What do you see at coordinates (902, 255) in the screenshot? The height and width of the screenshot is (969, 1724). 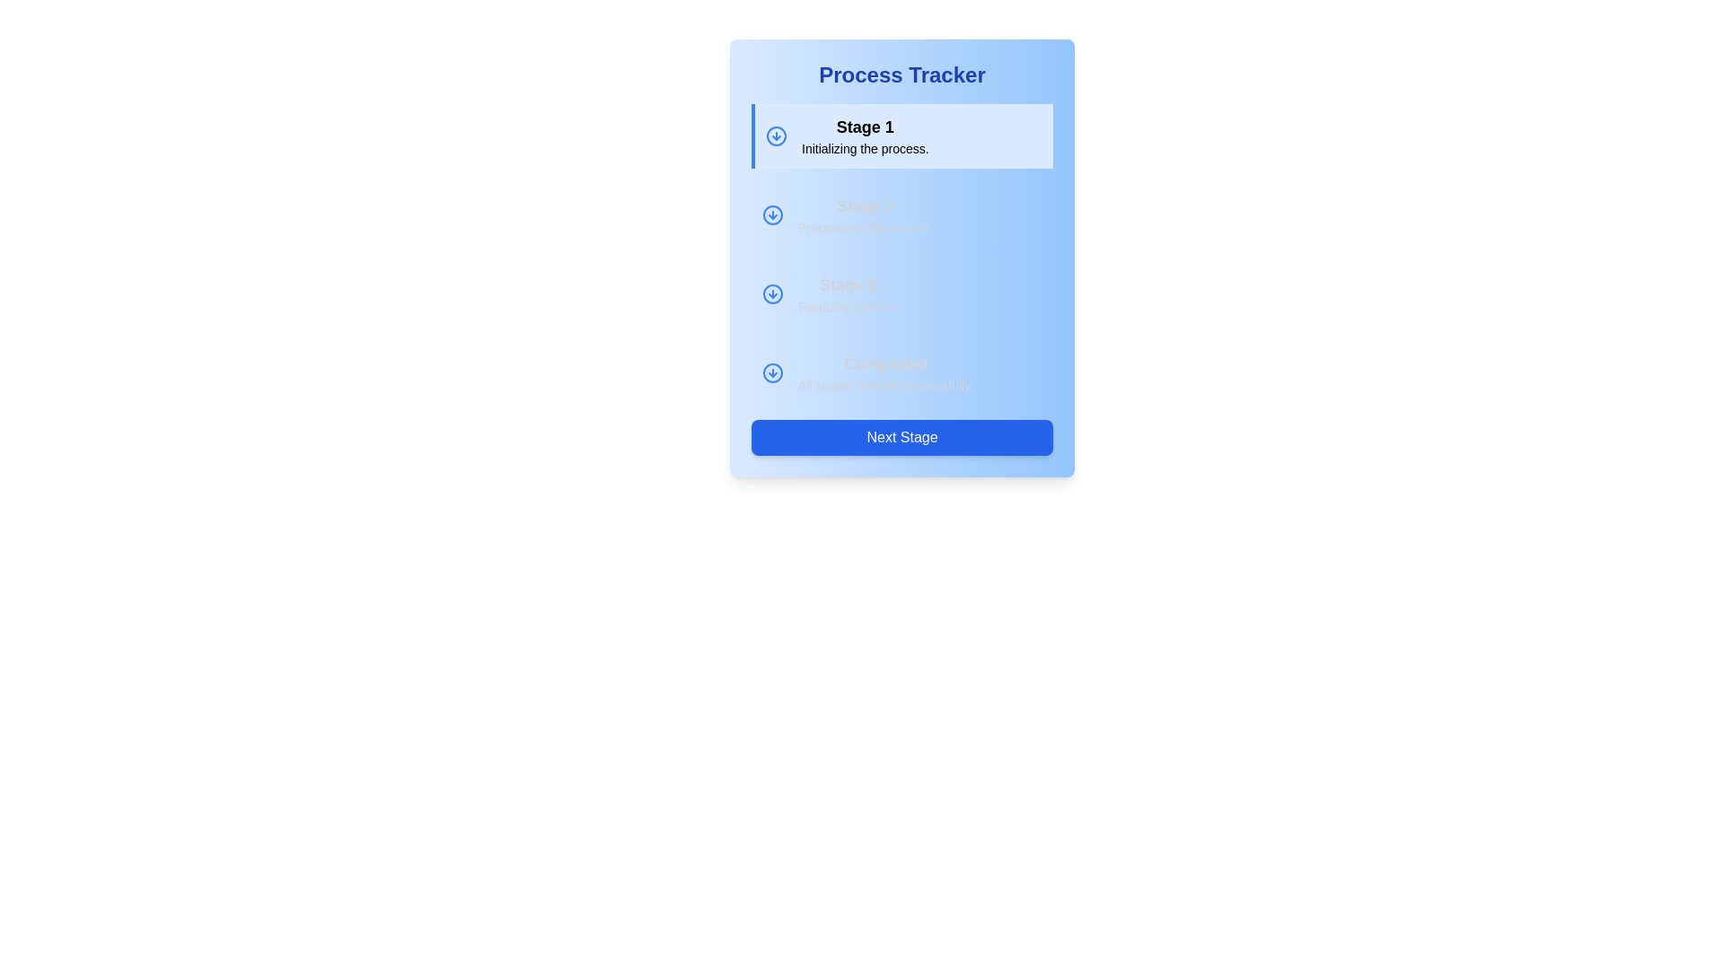 I see `the second stage of the Progress tracker list` at bounding box center [902, 255].